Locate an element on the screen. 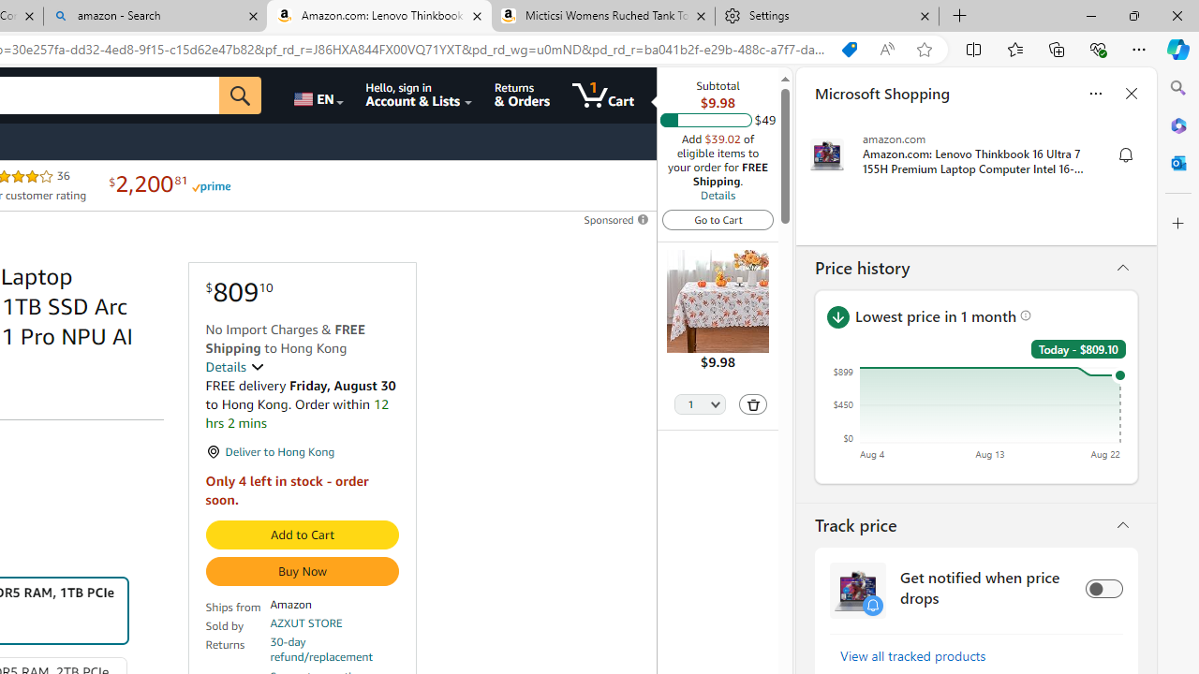  'amazon - Search' is located at coordinates (155, 16).